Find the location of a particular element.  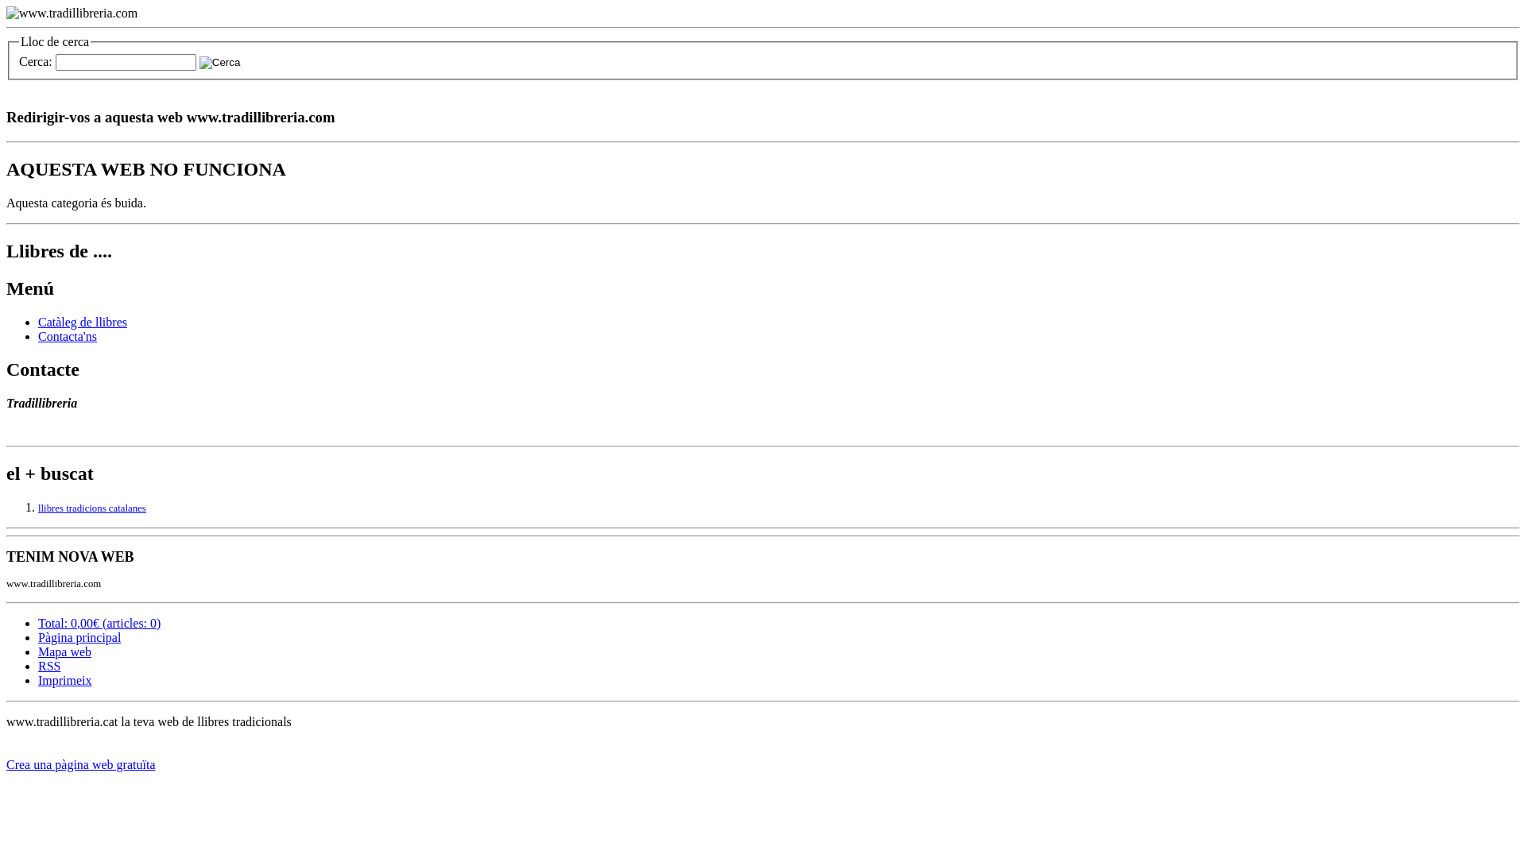

'llibres tradicions catalanes' is located at coordinates (91, 508).